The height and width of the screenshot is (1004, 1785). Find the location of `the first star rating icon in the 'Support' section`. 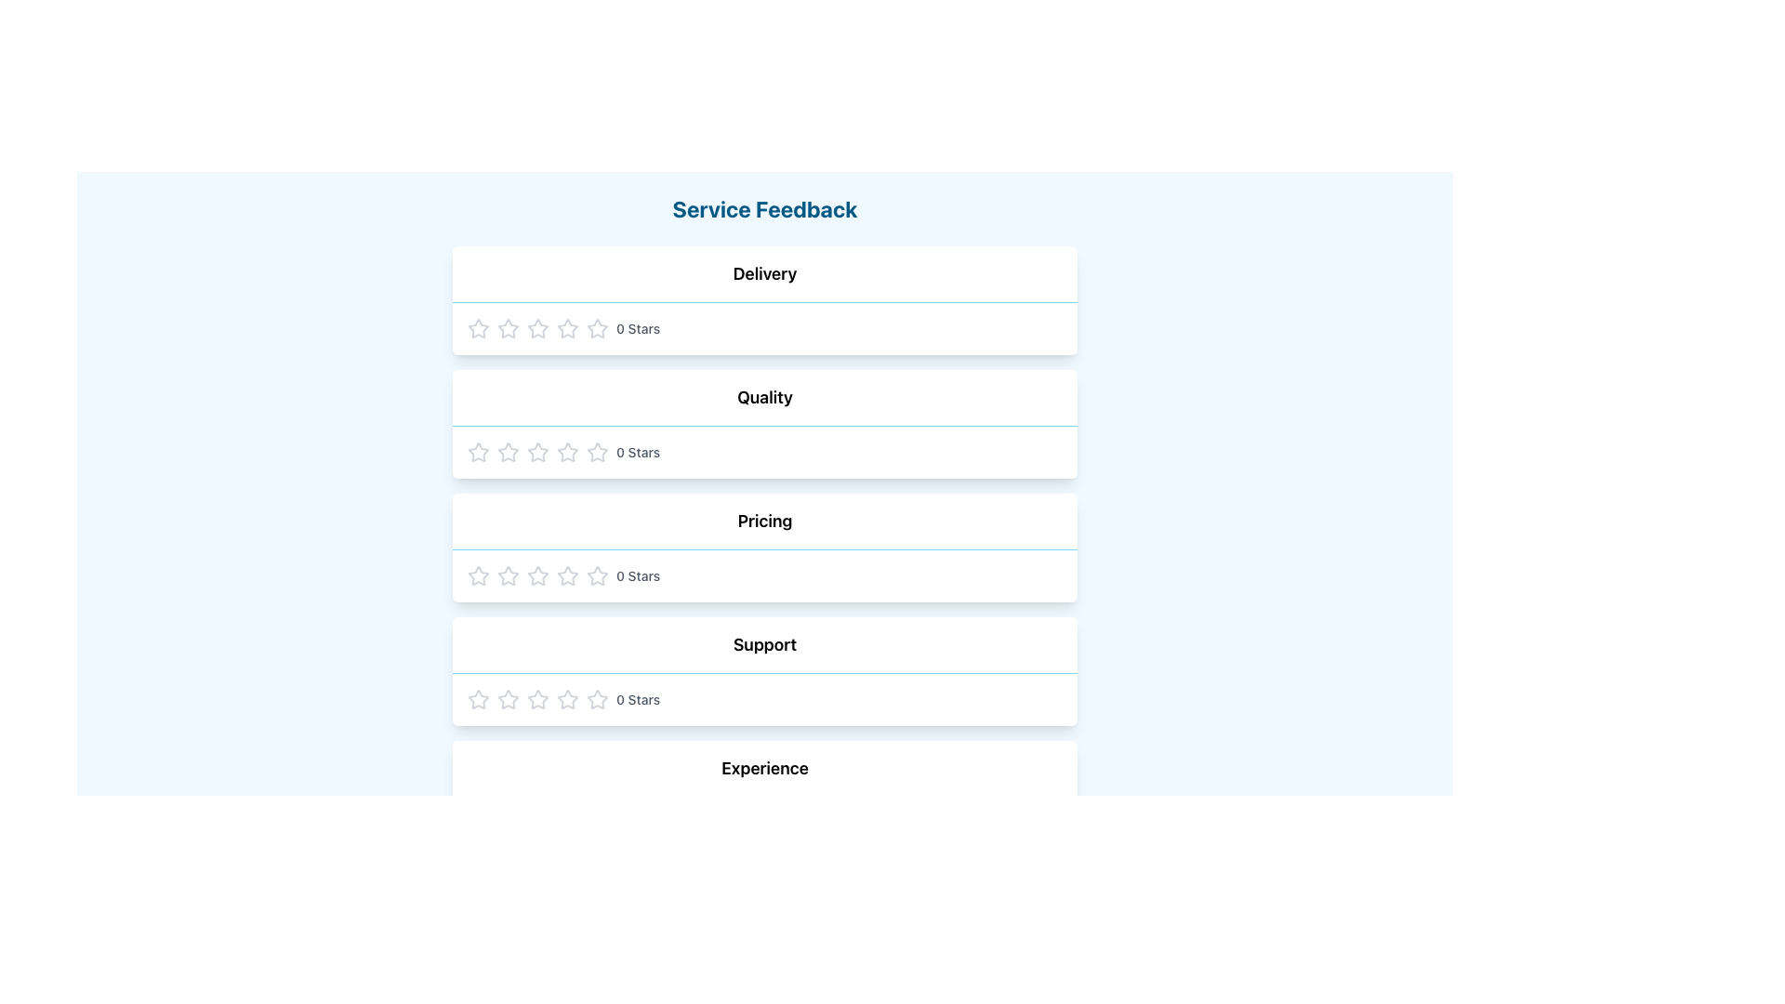

the first star rating icon in the 'Support' section is located at coordinates (478, 699).